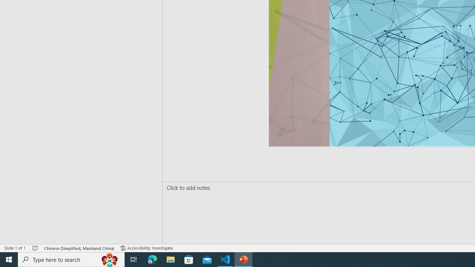 Image resolution: width=475 pixels, height=267 pixels. I want to click on 'Spell Check No Errors', so click(35, 248).